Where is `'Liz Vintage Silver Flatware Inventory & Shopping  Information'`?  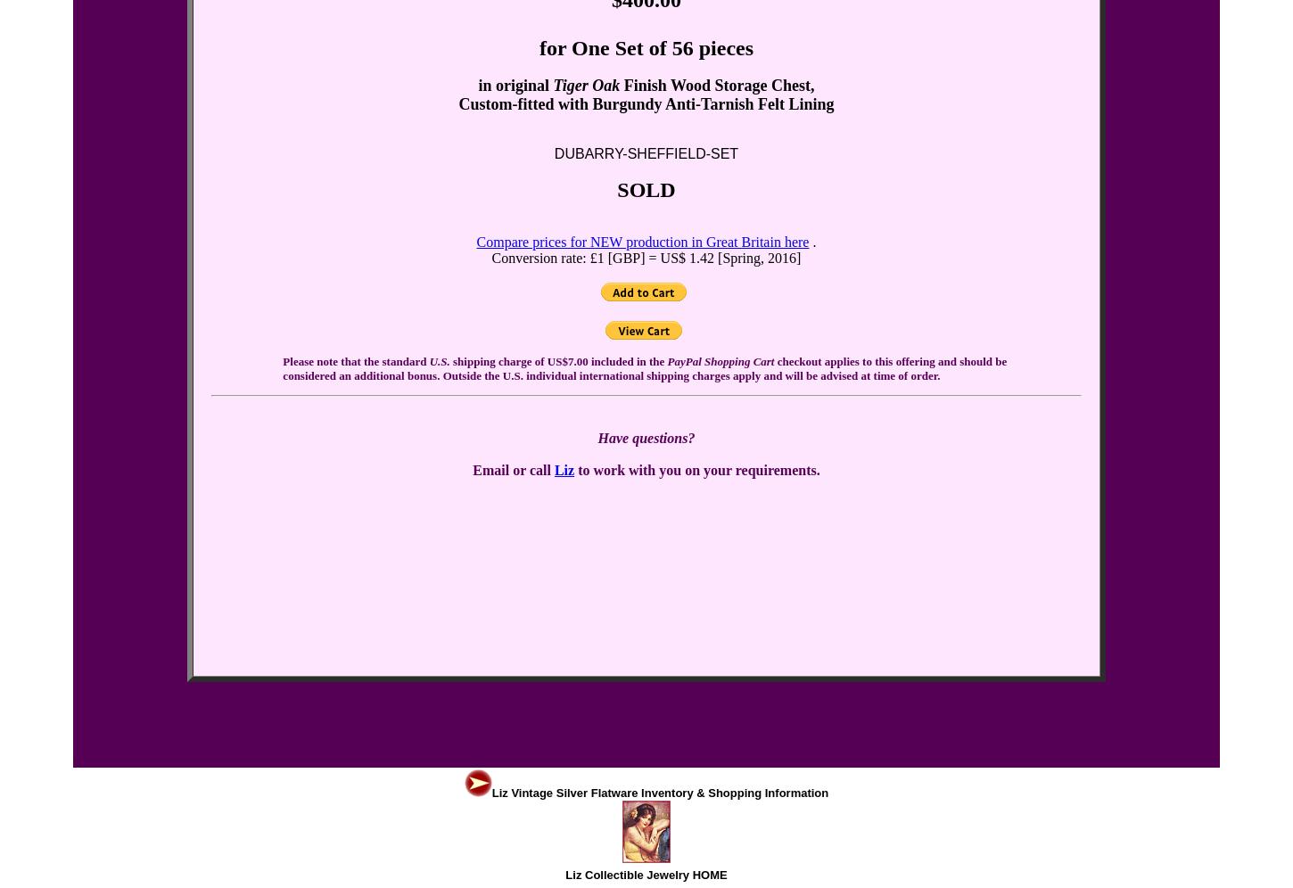 'Liz Vintage Silver Flatware Inventory & Shopping  Information' is located at coordinates (491, 792).